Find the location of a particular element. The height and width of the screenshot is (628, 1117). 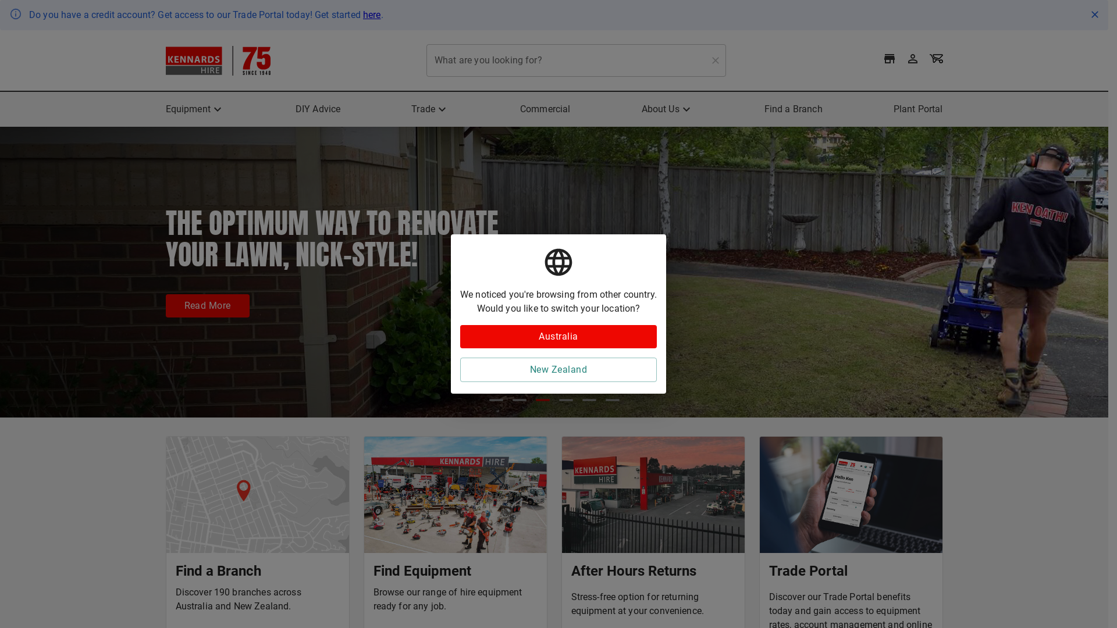

'DIY Advice' is located at coordinates (318, 109).